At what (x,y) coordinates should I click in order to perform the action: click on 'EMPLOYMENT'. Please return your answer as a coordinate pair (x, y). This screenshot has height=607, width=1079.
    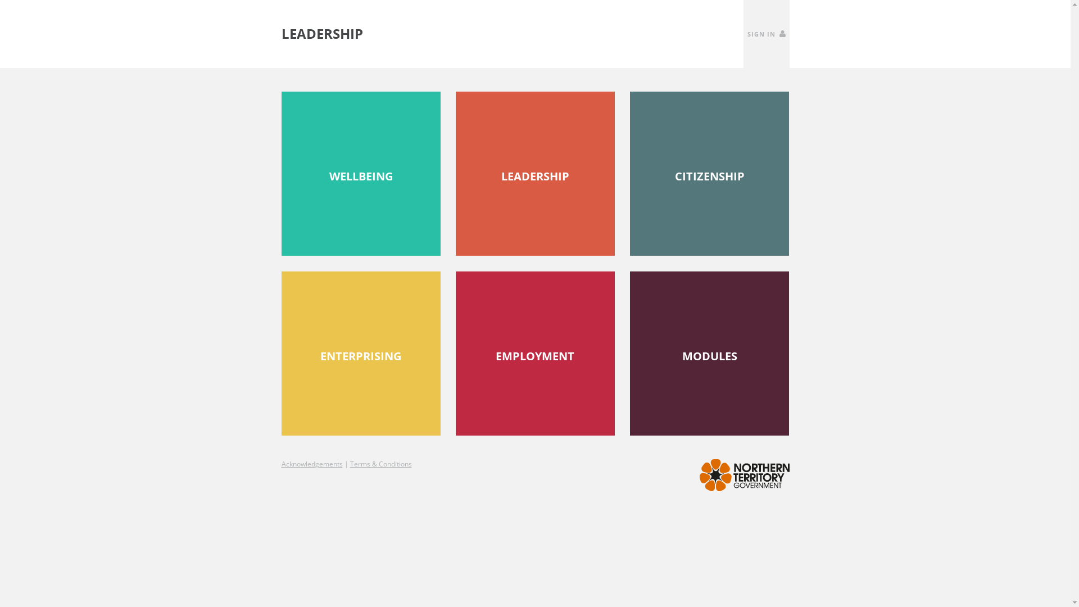
    Looking at the image, I should click on (534, 352).